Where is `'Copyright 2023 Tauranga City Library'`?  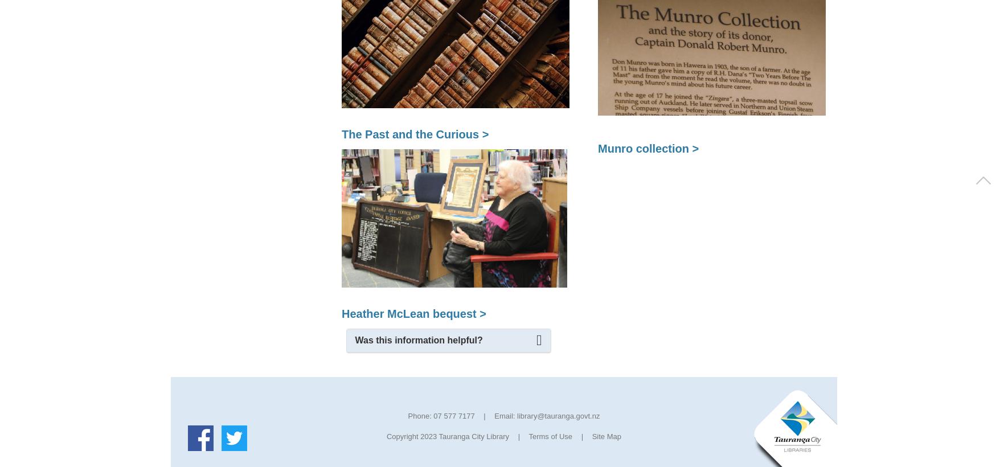
'Copyright 2023 Tauranga City Library' is located at coordinates (448, 435).